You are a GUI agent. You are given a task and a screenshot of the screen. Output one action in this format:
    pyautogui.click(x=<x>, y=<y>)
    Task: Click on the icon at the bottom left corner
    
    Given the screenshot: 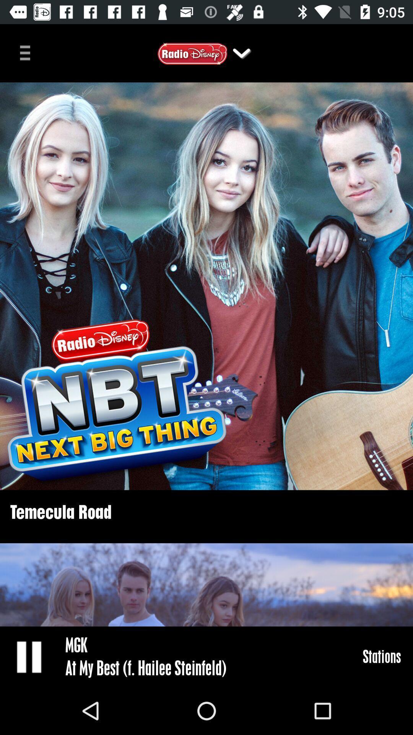 What is the action you would take?
    pyautogui.click(x=29, y=656)
    